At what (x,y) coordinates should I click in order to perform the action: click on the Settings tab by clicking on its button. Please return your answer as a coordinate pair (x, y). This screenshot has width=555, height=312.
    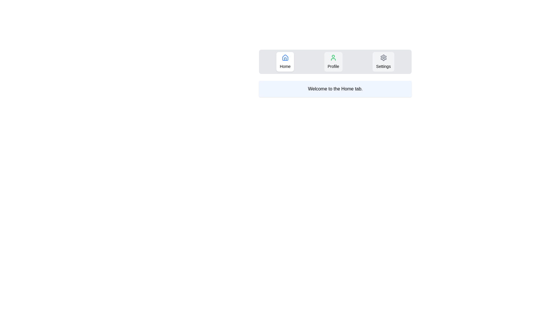
    Looking at the image, I should click on (383, 62).